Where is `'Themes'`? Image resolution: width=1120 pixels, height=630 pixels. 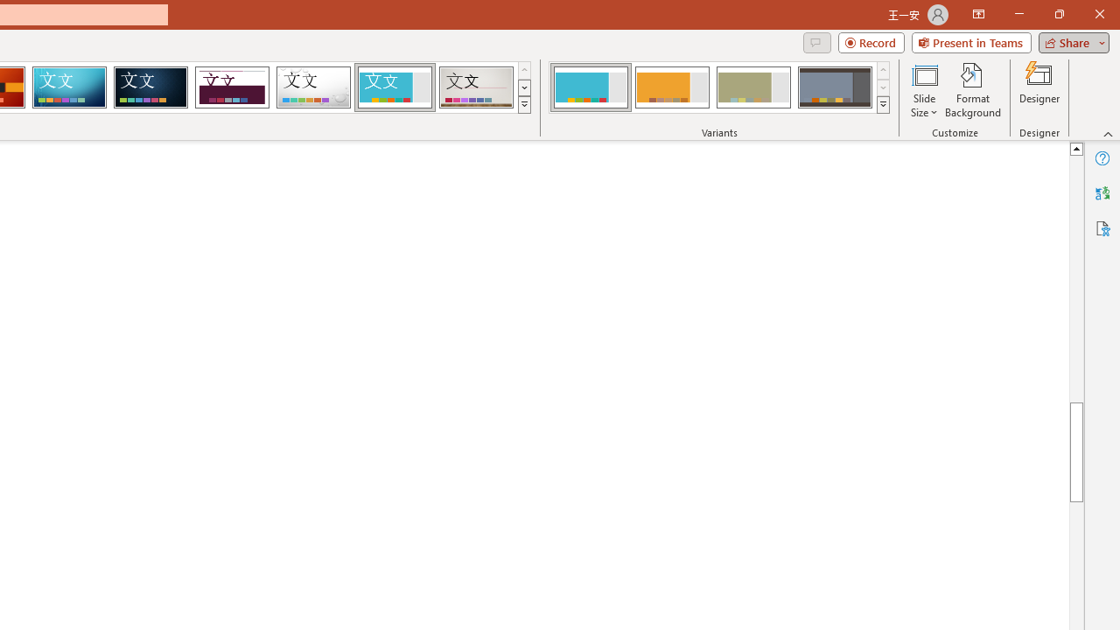
'Themes' is located at coordinates (523, 105).